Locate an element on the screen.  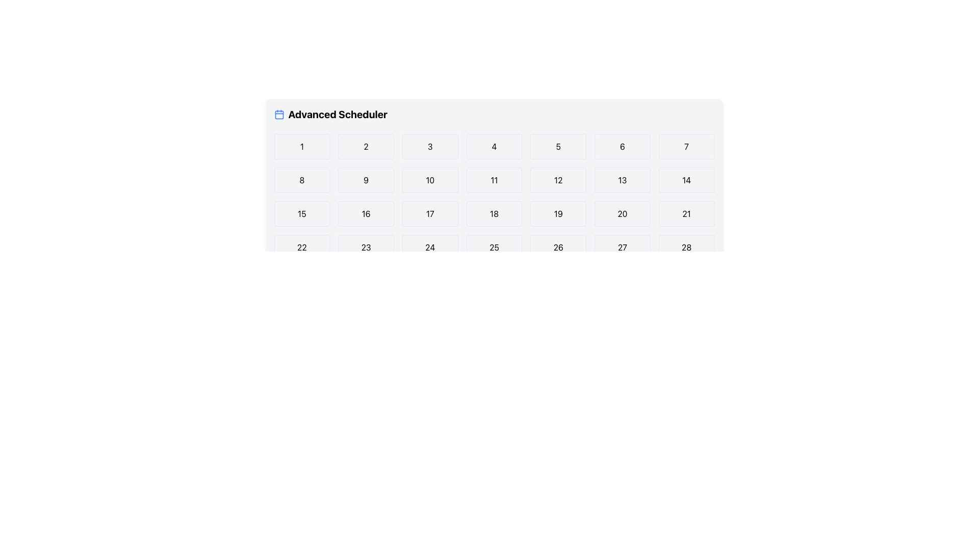
the small rectangular shape with rounded corners located within the calendar icon is located at coordinates (279, 115).